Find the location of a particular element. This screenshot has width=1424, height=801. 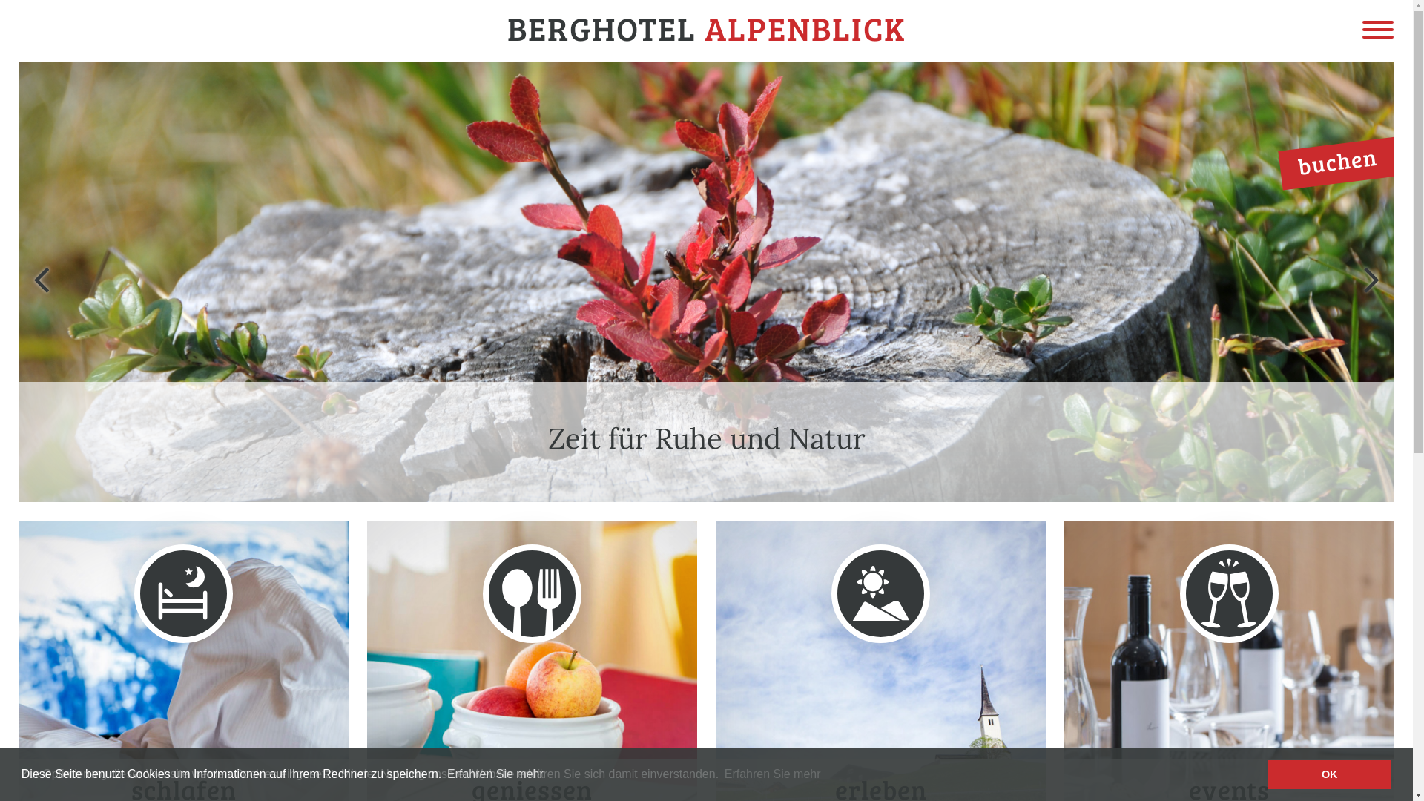

'Erfahren Sie mehr' is located at coordinates (444, 774).